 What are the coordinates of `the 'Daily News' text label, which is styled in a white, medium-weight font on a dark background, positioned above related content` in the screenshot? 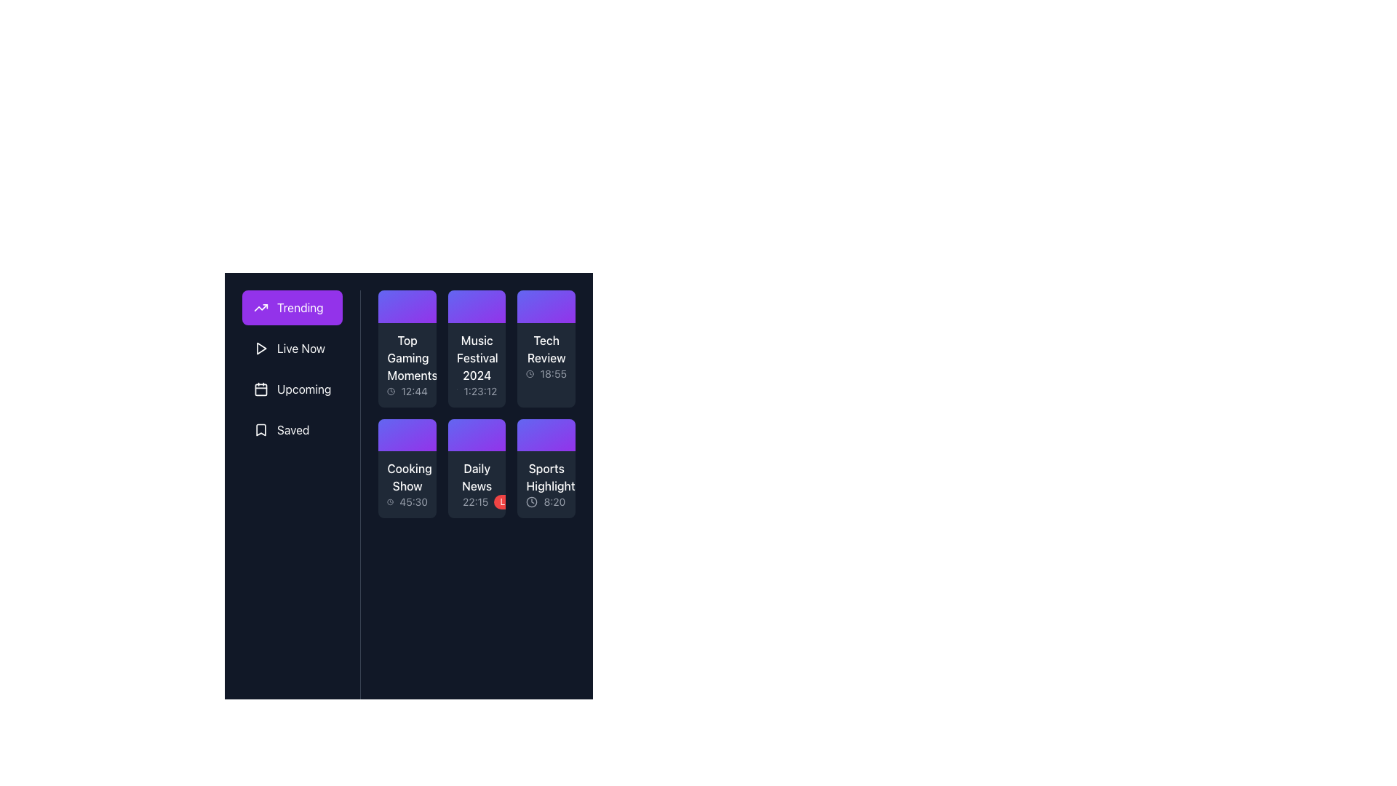 It's located at (477, 477).